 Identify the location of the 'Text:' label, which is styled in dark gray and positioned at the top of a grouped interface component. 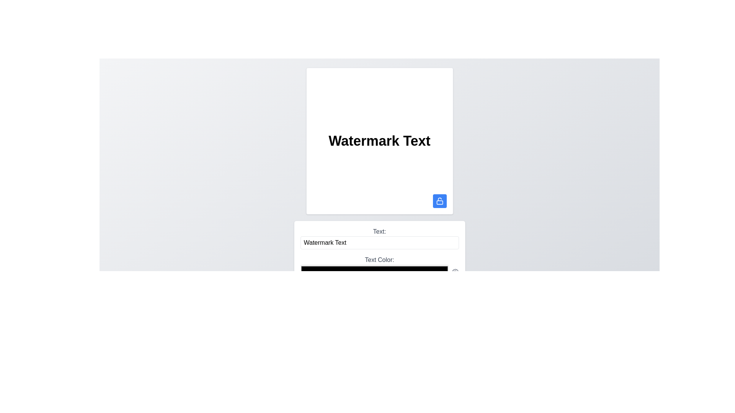
(379, 231).